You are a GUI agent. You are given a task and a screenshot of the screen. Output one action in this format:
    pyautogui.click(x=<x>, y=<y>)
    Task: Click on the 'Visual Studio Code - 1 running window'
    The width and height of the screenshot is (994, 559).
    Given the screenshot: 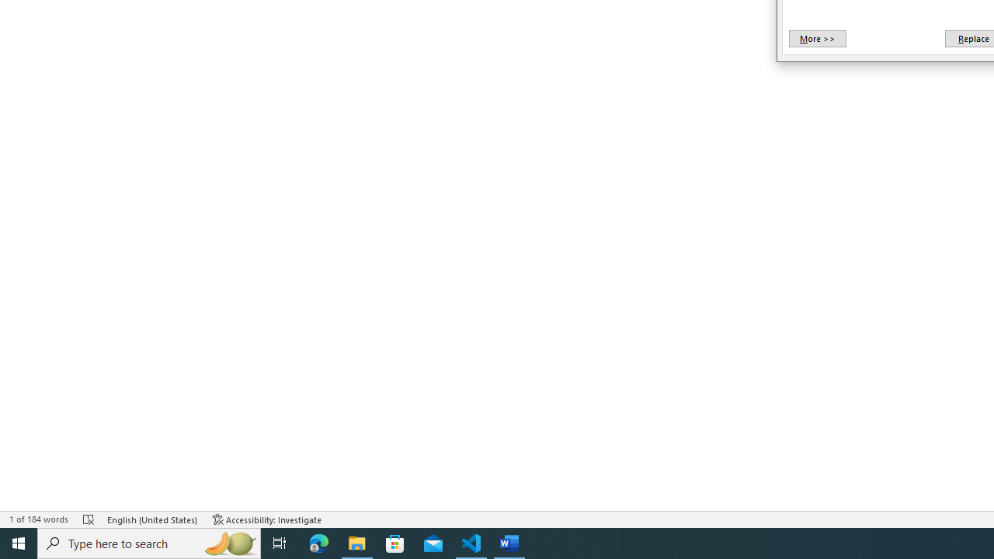 What is the action you would take?
    pyautogui.click(x=471, y=542)
    